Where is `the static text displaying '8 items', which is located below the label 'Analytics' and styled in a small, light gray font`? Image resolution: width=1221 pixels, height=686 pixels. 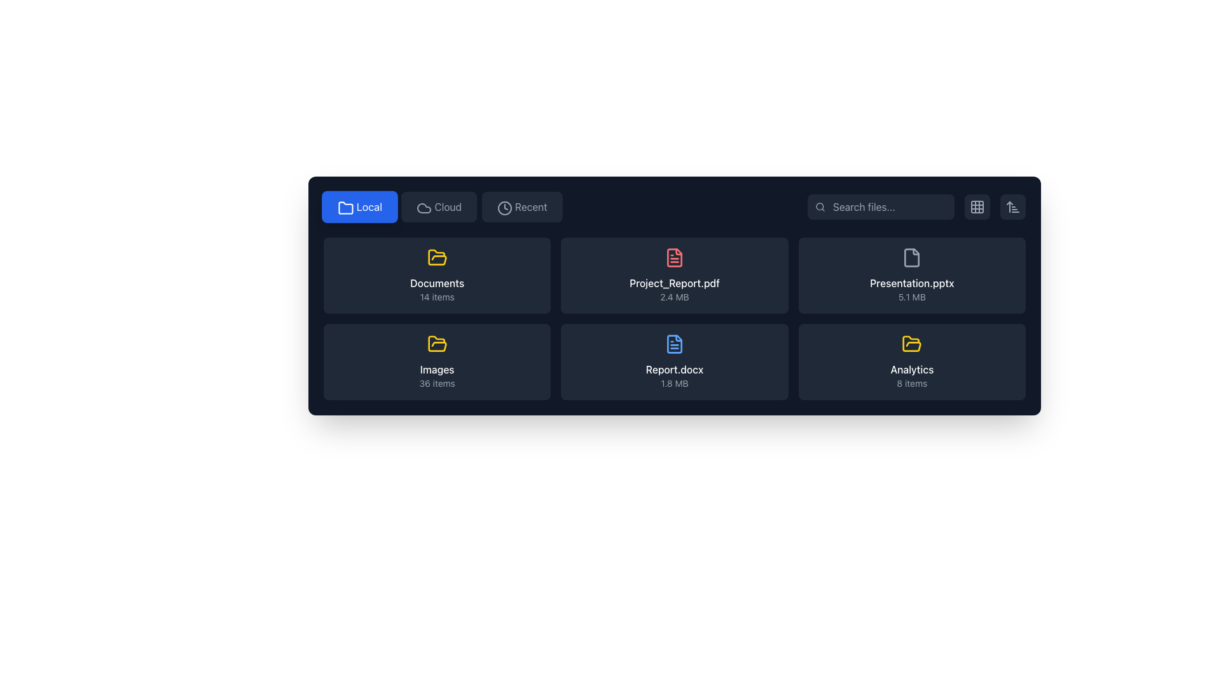 the static text displaying '8 items', which is located below the label 'Analytics' and styled in a small, light gray font is located at coordinates (911, 383).